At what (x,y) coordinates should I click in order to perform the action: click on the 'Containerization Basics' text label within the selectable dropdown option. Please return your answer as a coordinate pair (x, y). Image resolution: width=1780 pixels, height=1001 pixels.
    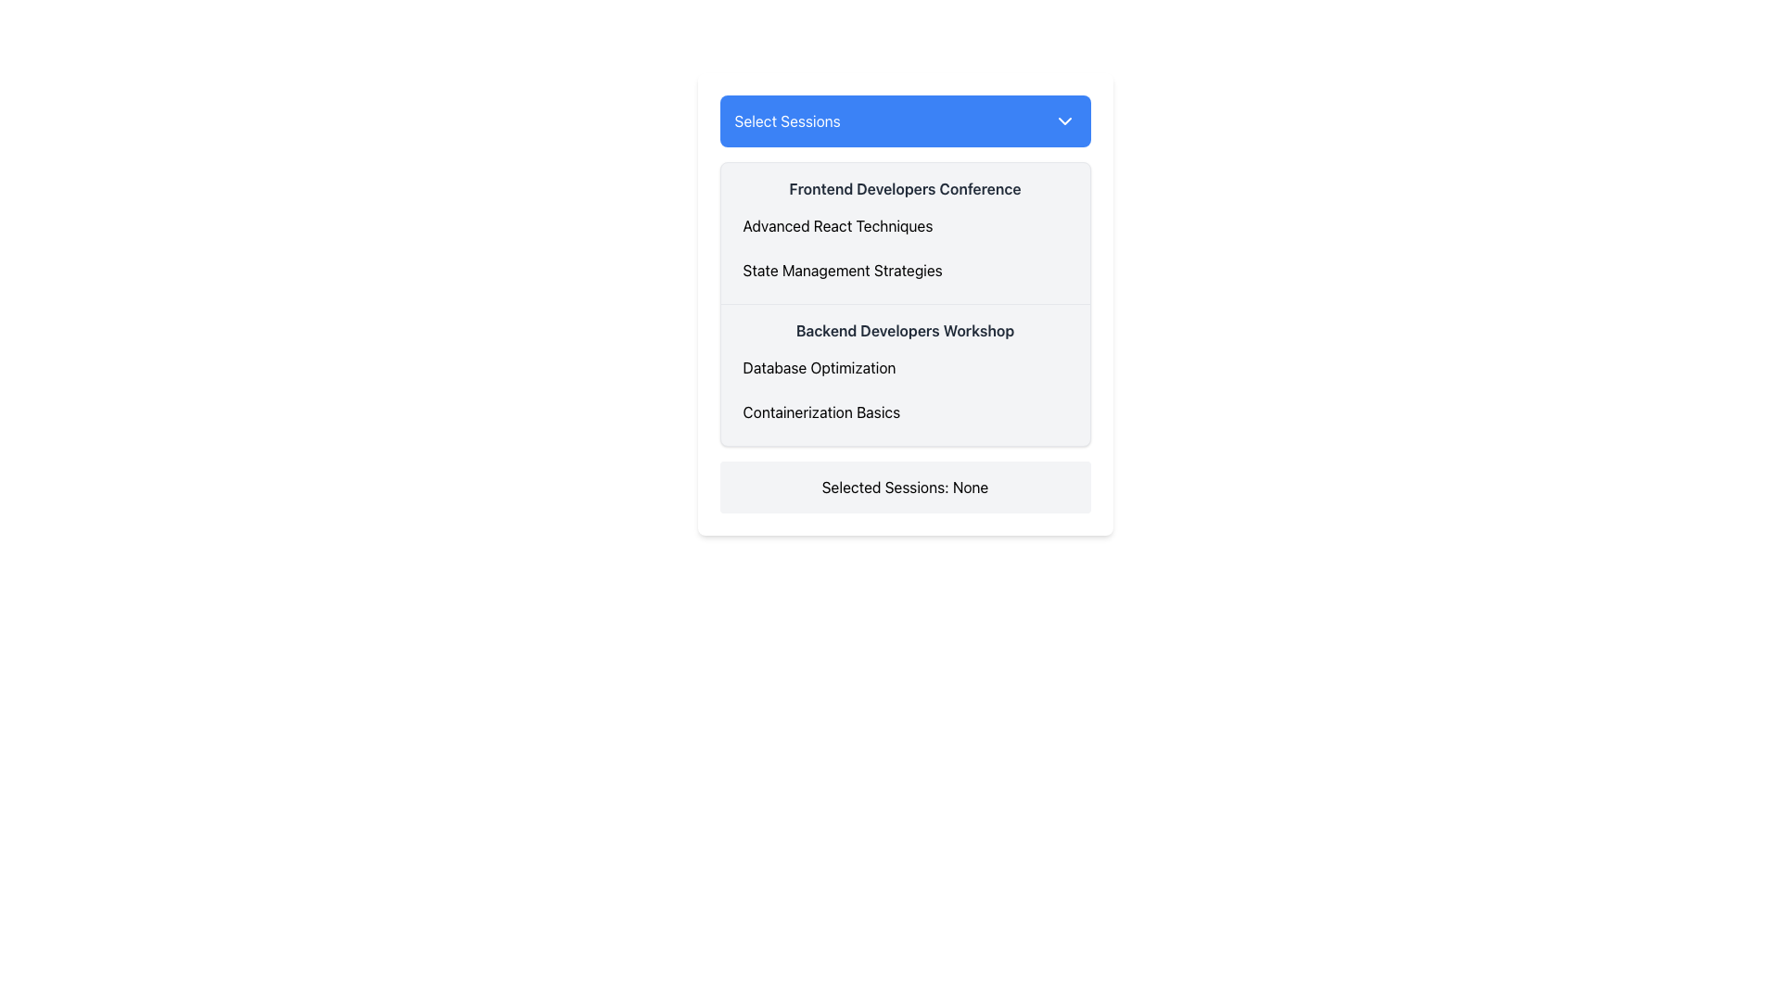
    Looking at the image, I should click on (820, 411).